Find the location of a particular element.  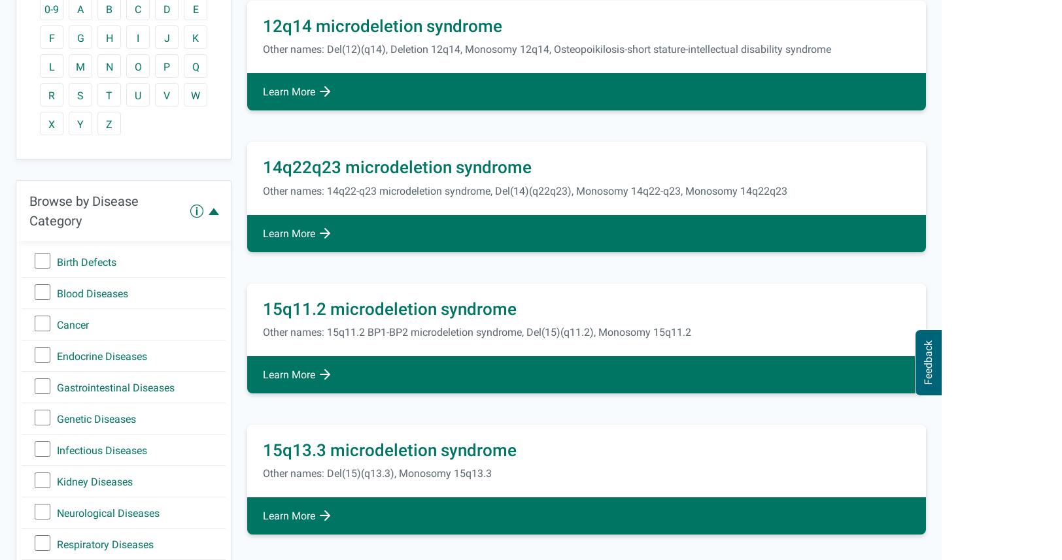

'O' is located at coordinates (137, 67).